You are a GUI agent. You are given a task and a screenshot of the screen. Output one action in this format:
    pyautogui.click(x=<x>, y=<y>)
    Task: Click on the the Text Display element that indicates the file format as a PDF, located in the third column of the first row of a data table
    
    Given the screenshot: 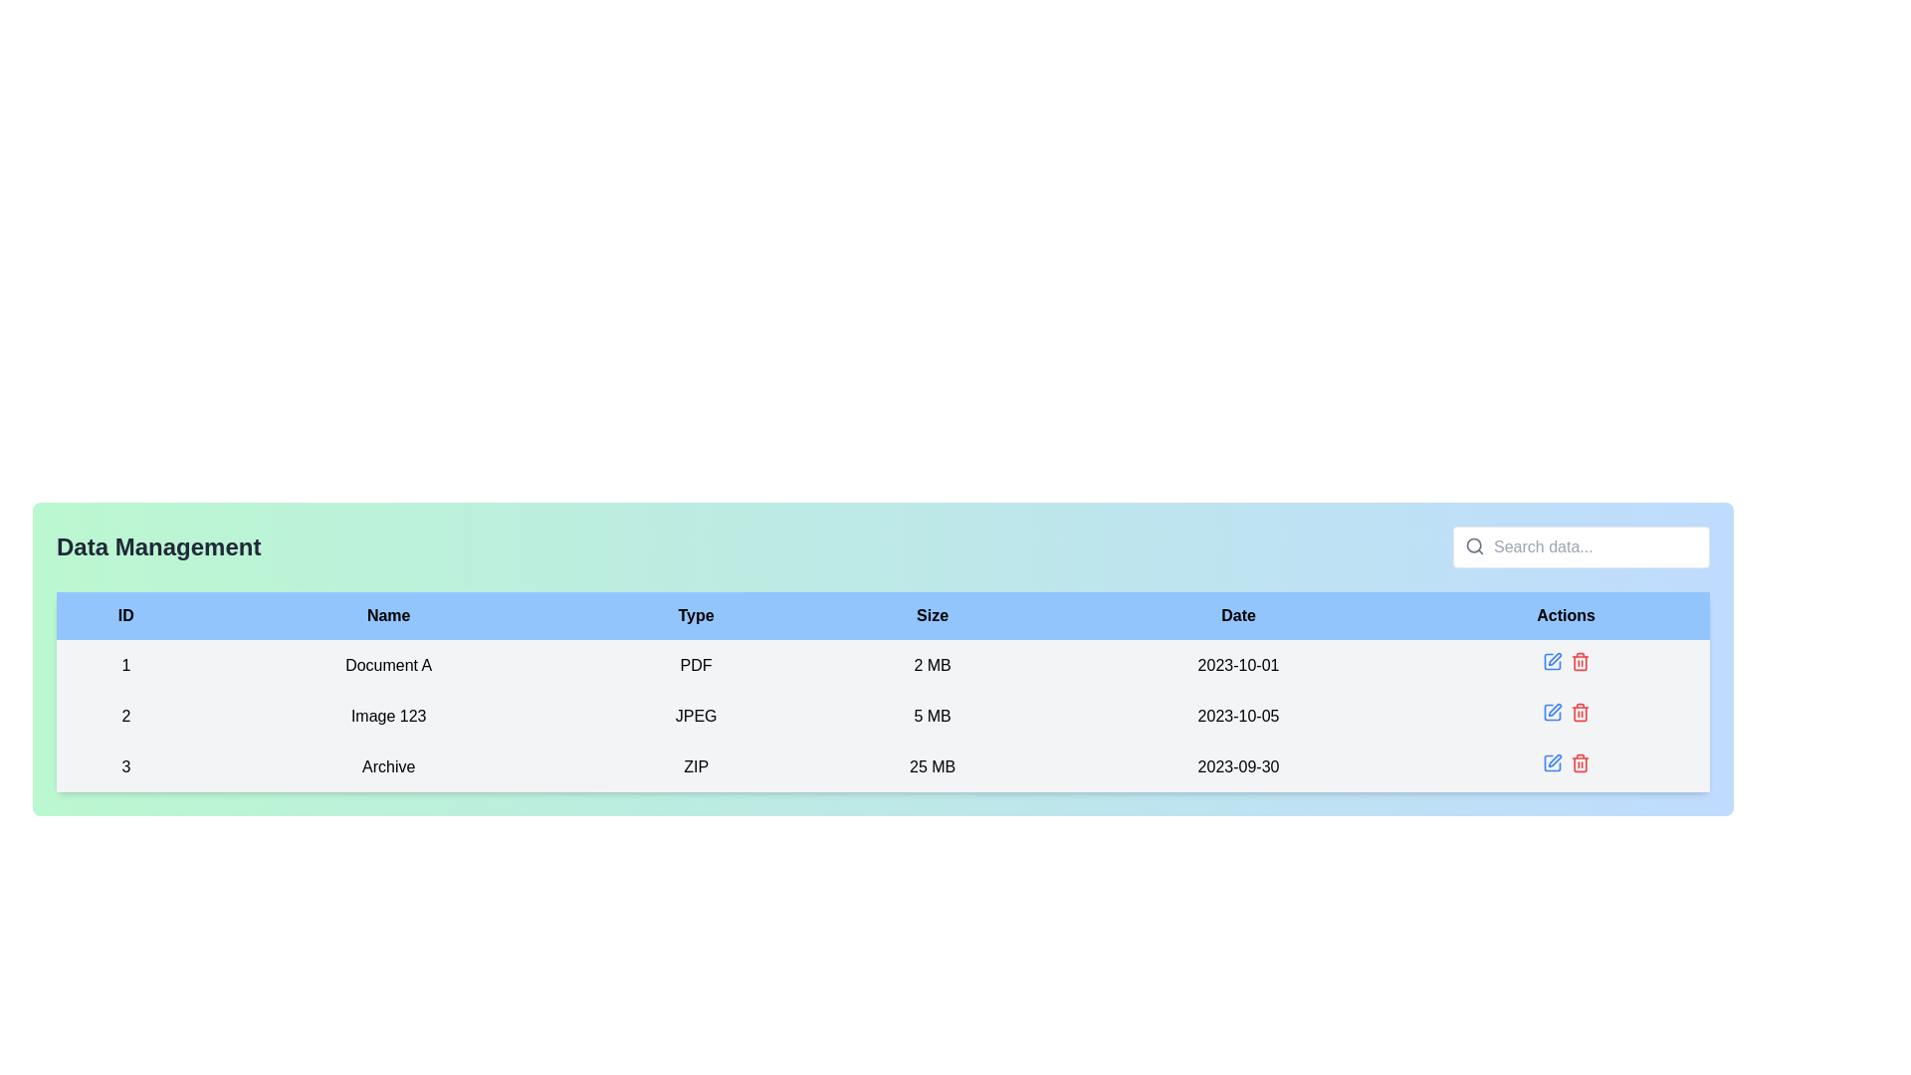 What is the action you would take?
    pyautogui.click(x=696, y=665)
    